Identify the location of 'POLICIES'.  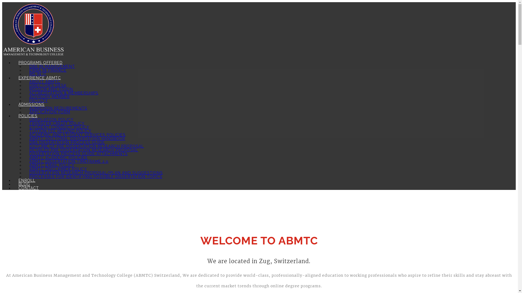
(27, 116).